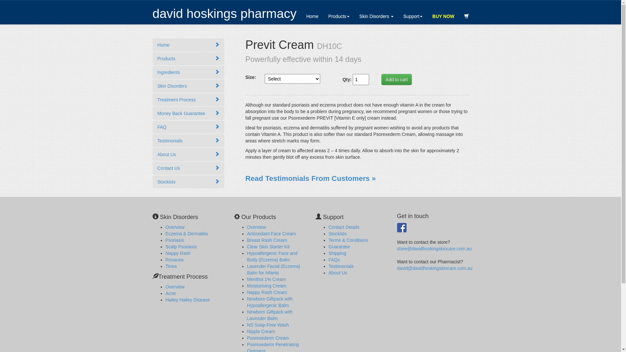 The image size is (626, 352). I want to click on 'Tinea', so click(171, 266).